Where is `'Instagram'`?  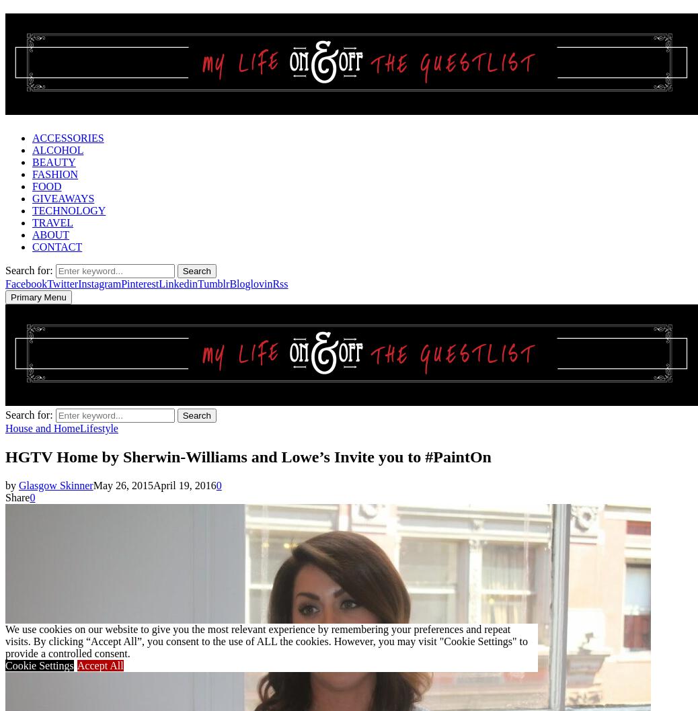 'Instagram' is located at coordinates (99, 283).